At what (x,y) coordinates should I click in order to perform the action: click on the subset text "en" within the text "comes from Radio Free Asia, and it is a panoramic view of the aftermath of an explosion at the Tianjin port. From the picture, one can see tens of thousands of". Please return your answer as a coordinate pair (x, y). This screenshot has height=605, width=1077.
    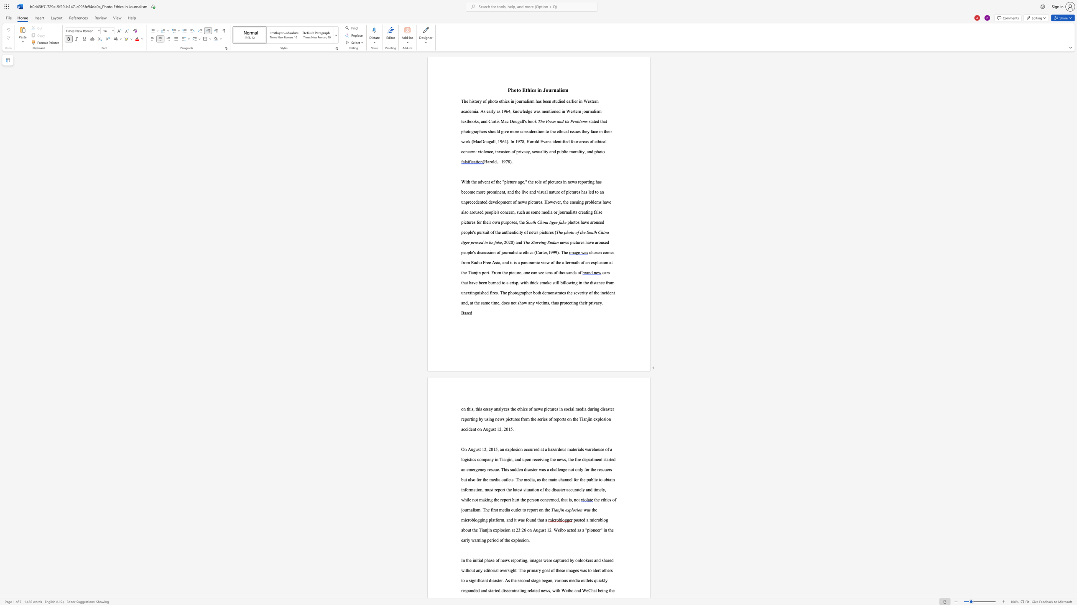
    Looking at the image, I should click on (546, 272).